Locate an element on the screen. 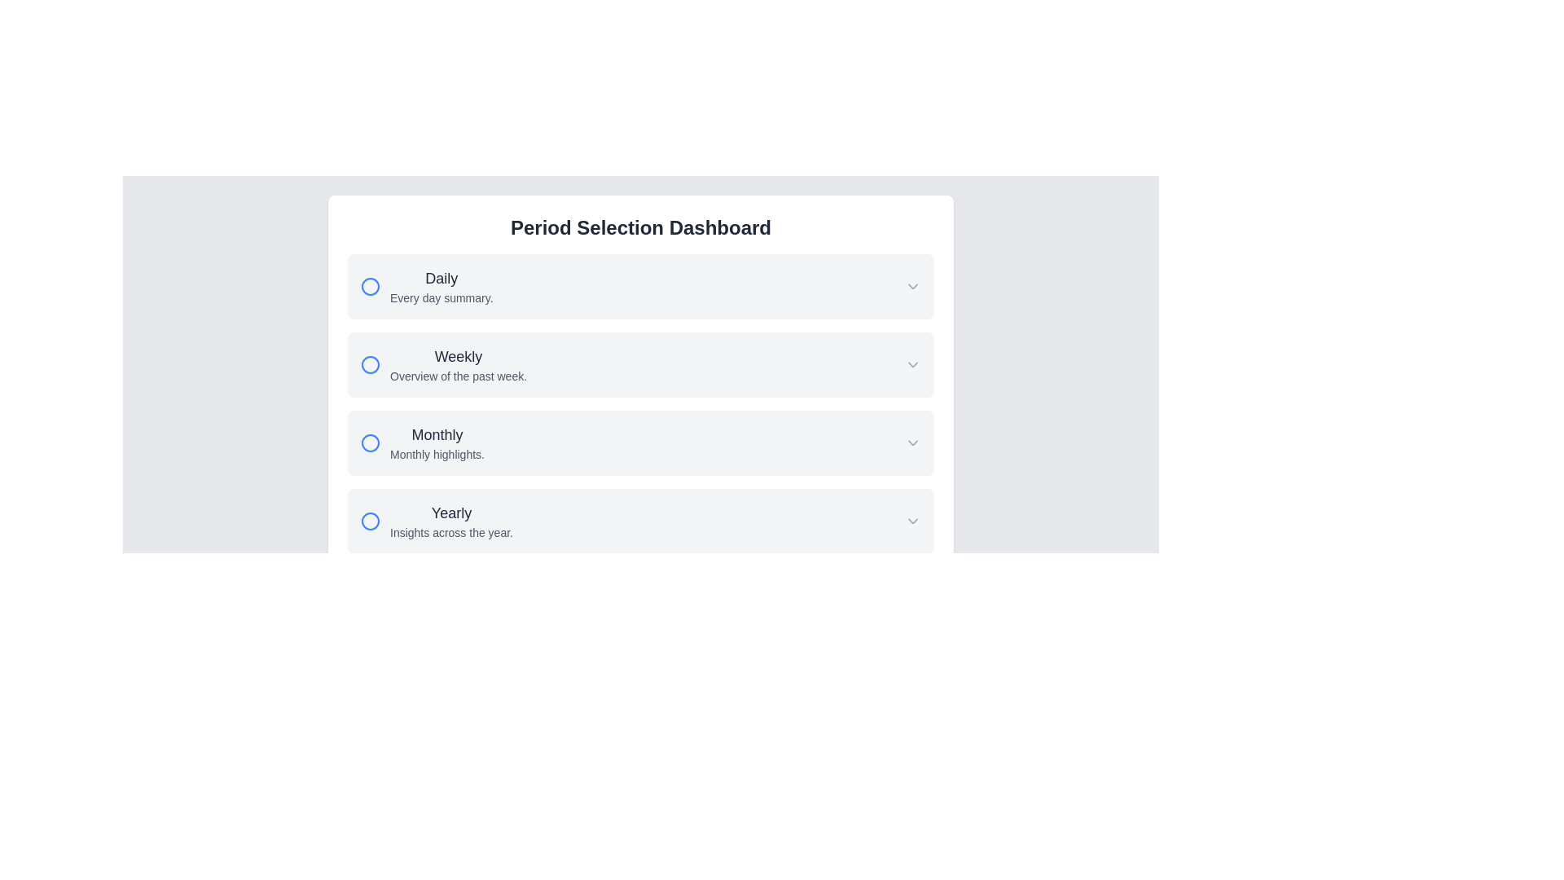 The image size is (1564, 880). the Option Selector for periodicity level selection, which is located centrally below the 'Period Selection Dashboard' title and above the 'Monthly' section is located at coordinates (640, 403).